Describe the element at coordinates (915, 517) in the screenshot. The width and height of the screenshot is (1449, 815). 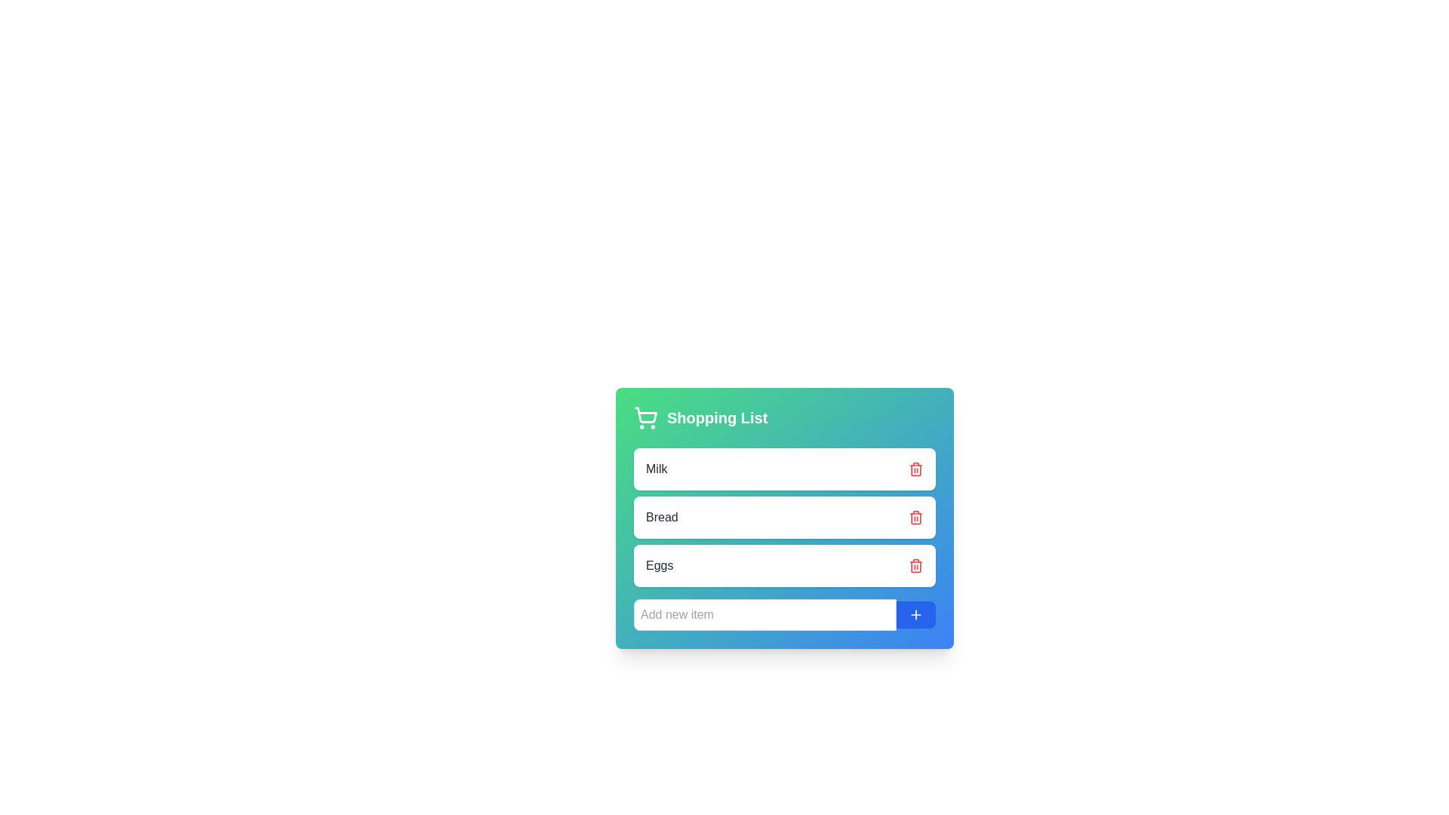
I see `the small red trash icon located at the right end of the 'Bread' entry in the shopping list UI` at that location.